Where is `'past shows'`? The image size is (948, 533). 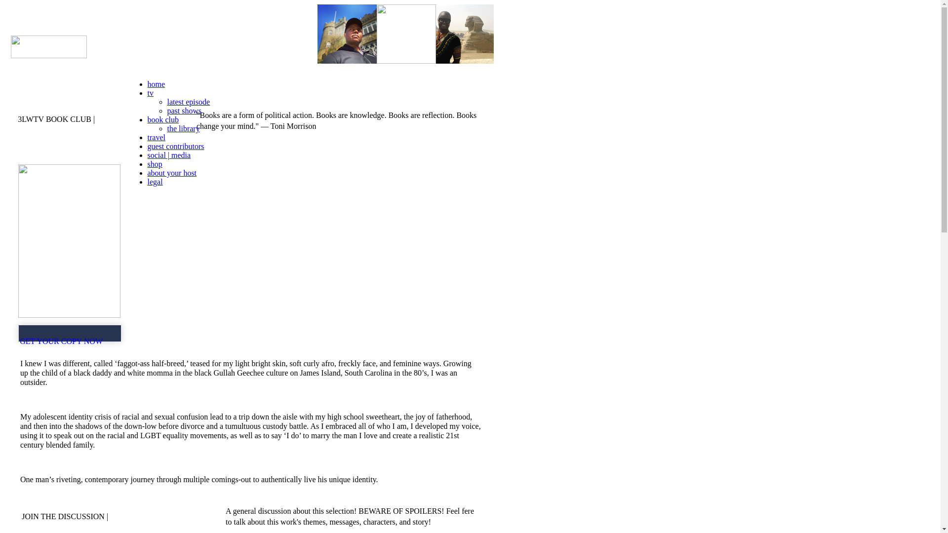 'past shows' is located at coordinates (184, 111).